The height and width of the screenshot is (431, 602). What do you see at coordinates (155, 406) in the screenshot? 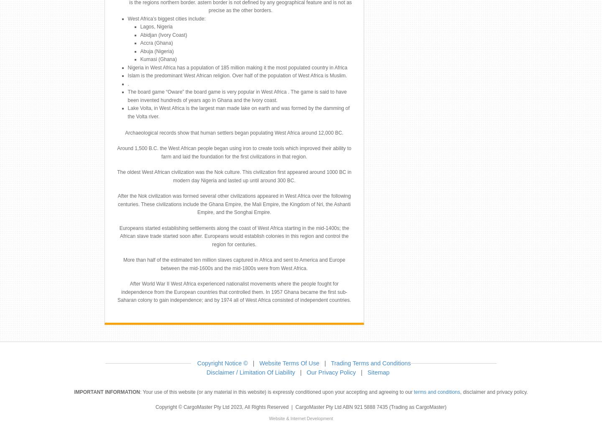
I see `'Copyright © CargoMaster Pty Ltd 2023, All Rights Reserved  |  CargoMaster Pty Ltd ABN 921 5888 7435 (Trading as CargoMaster)'` at bounding box center [155, 406].